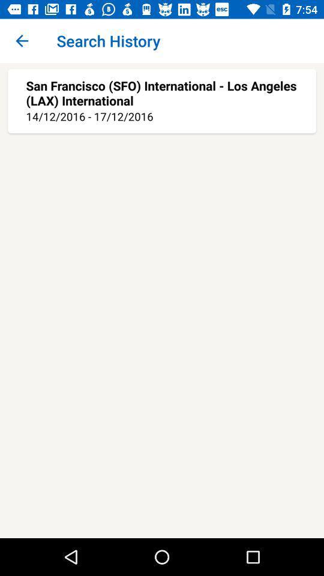  Describe the element at coordinates (22, 41) in the screenshot. I see `the item above the san francisco sfo item` at that location.